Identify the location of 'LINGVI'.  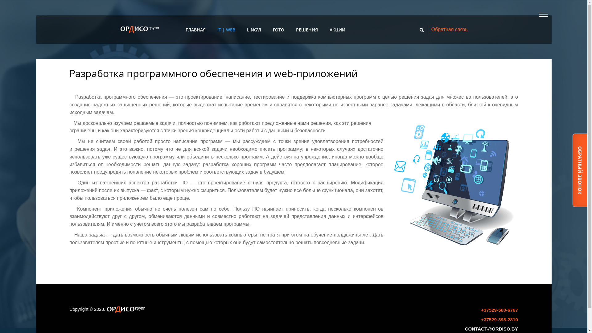
(254, 30).